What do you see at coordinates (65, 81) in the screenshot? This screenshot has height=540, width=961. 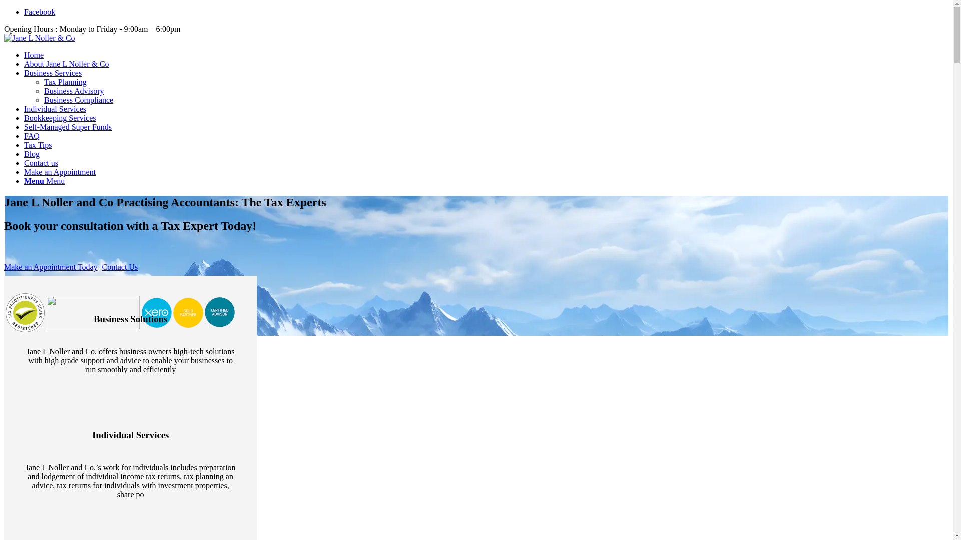 I see `'Tax Planning'` at bounding box center [65, 81].